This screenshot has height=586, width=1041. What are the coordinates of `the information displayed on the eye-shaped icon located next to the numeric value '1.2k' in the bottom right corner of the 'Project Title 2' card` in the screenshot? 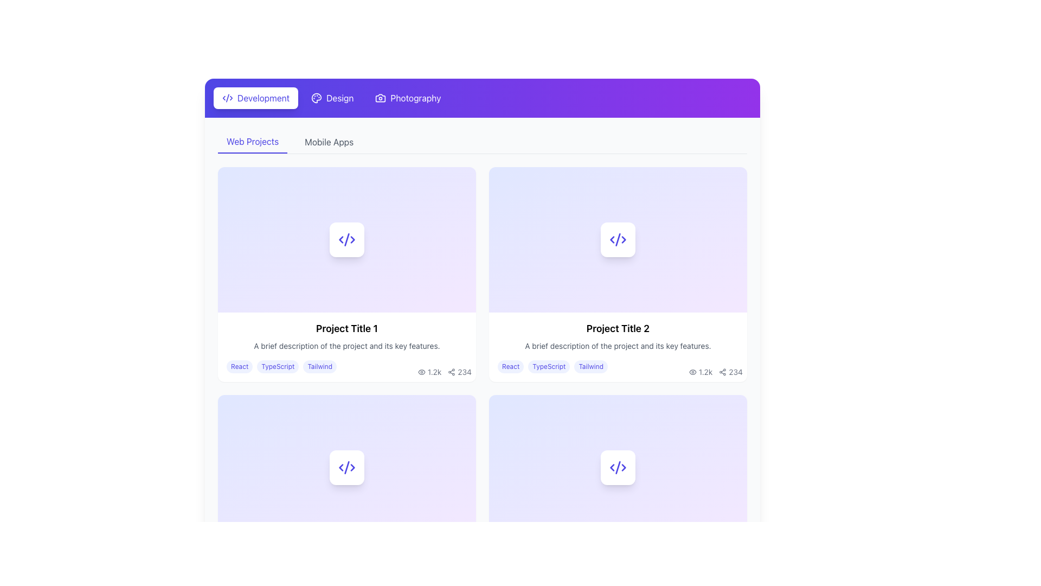 It's located at (692, 371).